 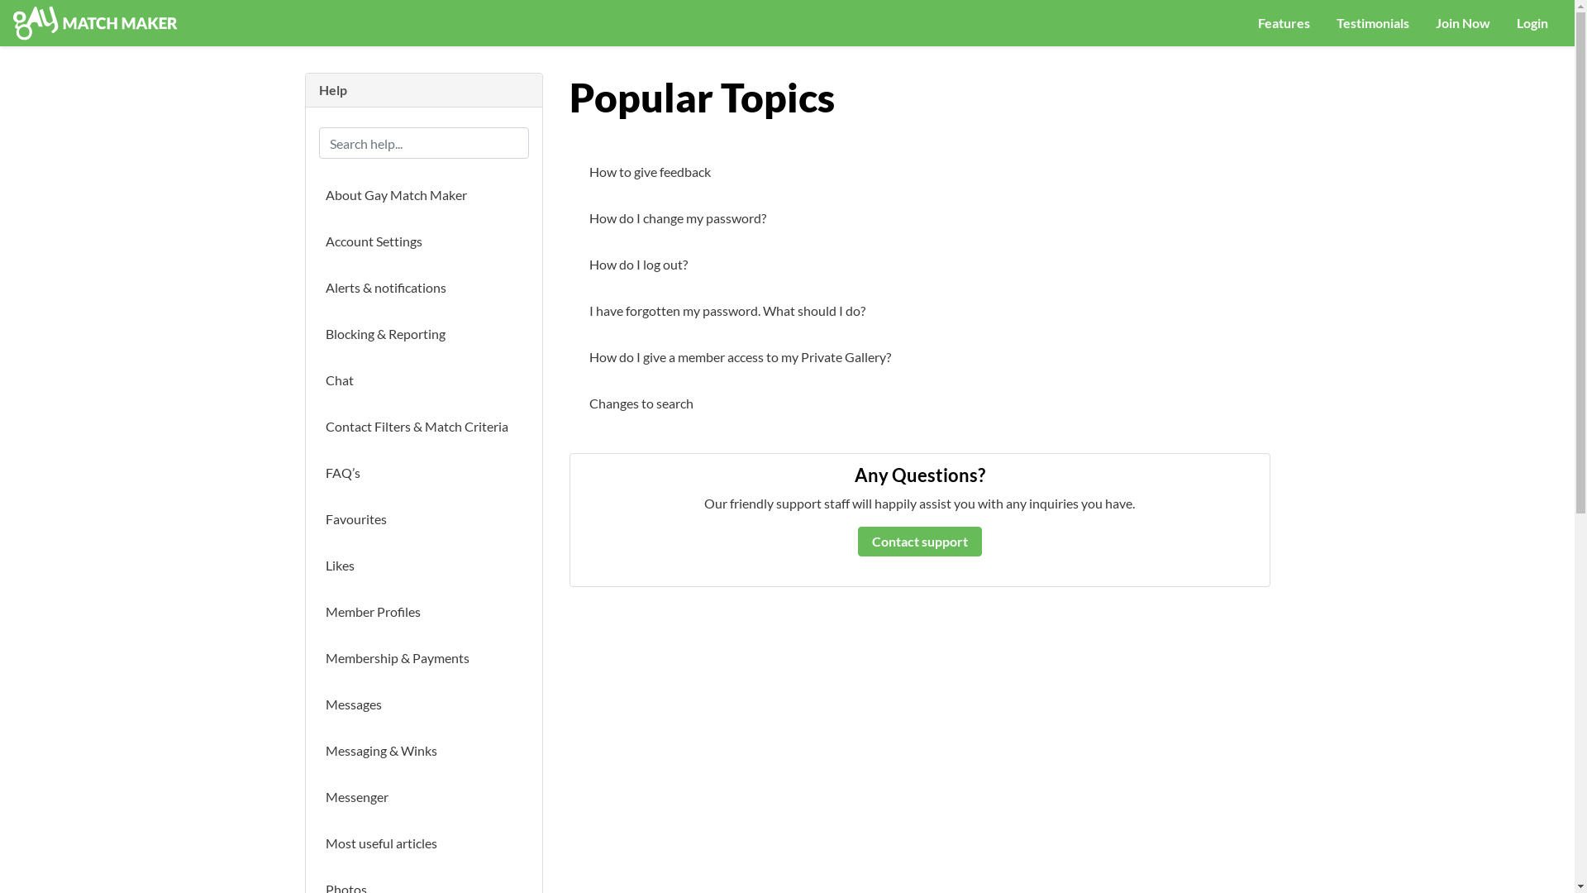 I want to click on 'Login', so click(x=1531, y=22).